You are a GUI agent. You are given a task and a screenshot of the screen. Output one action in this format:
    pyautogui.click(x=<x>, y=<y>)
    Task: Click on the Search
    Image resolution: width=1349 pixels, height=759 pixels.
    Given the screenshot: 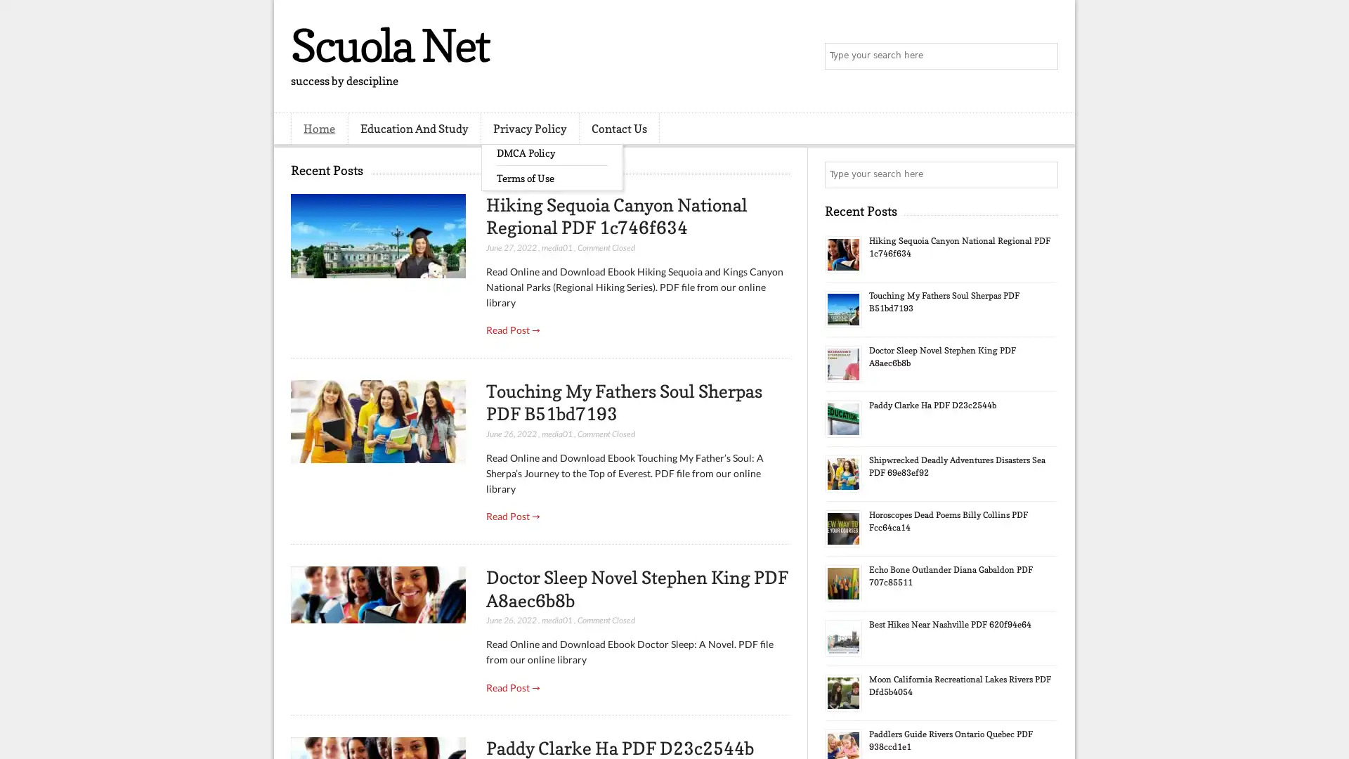 What is the action you would take?
    pyautogui.click(x=1043, y=174)
    